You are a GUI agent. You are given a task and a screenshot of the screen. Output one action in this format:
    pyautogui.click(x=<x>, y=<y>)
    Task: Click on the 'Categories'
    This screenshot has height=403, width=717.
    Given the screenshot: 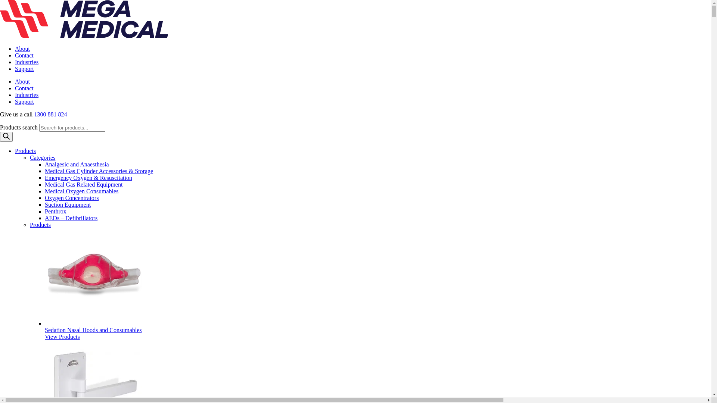 What is the action you would take?
    pyautogui.click(x=42, y=157)
    